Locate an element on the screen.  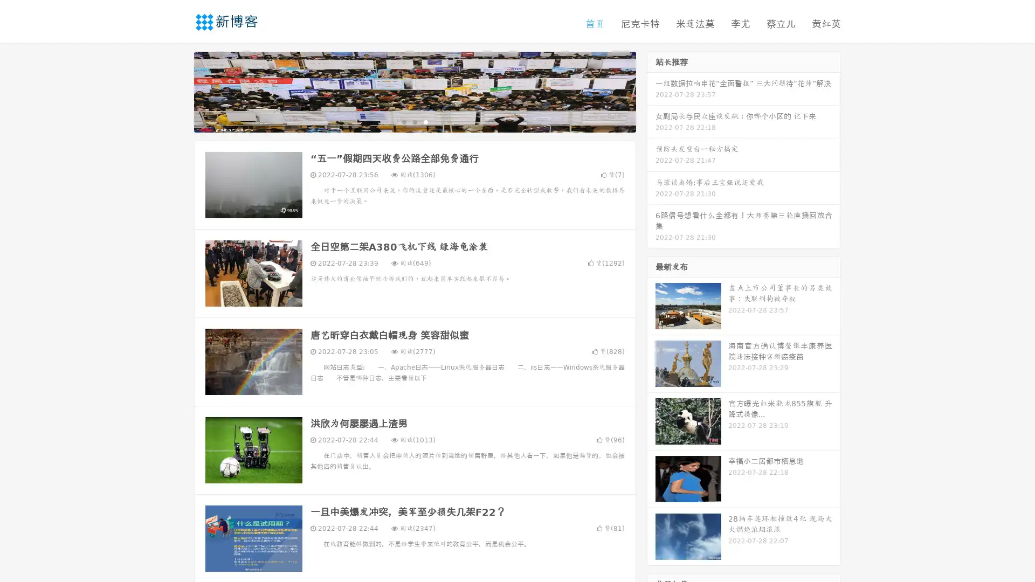
Go to slide 1 is located at coordinates (403, 121).